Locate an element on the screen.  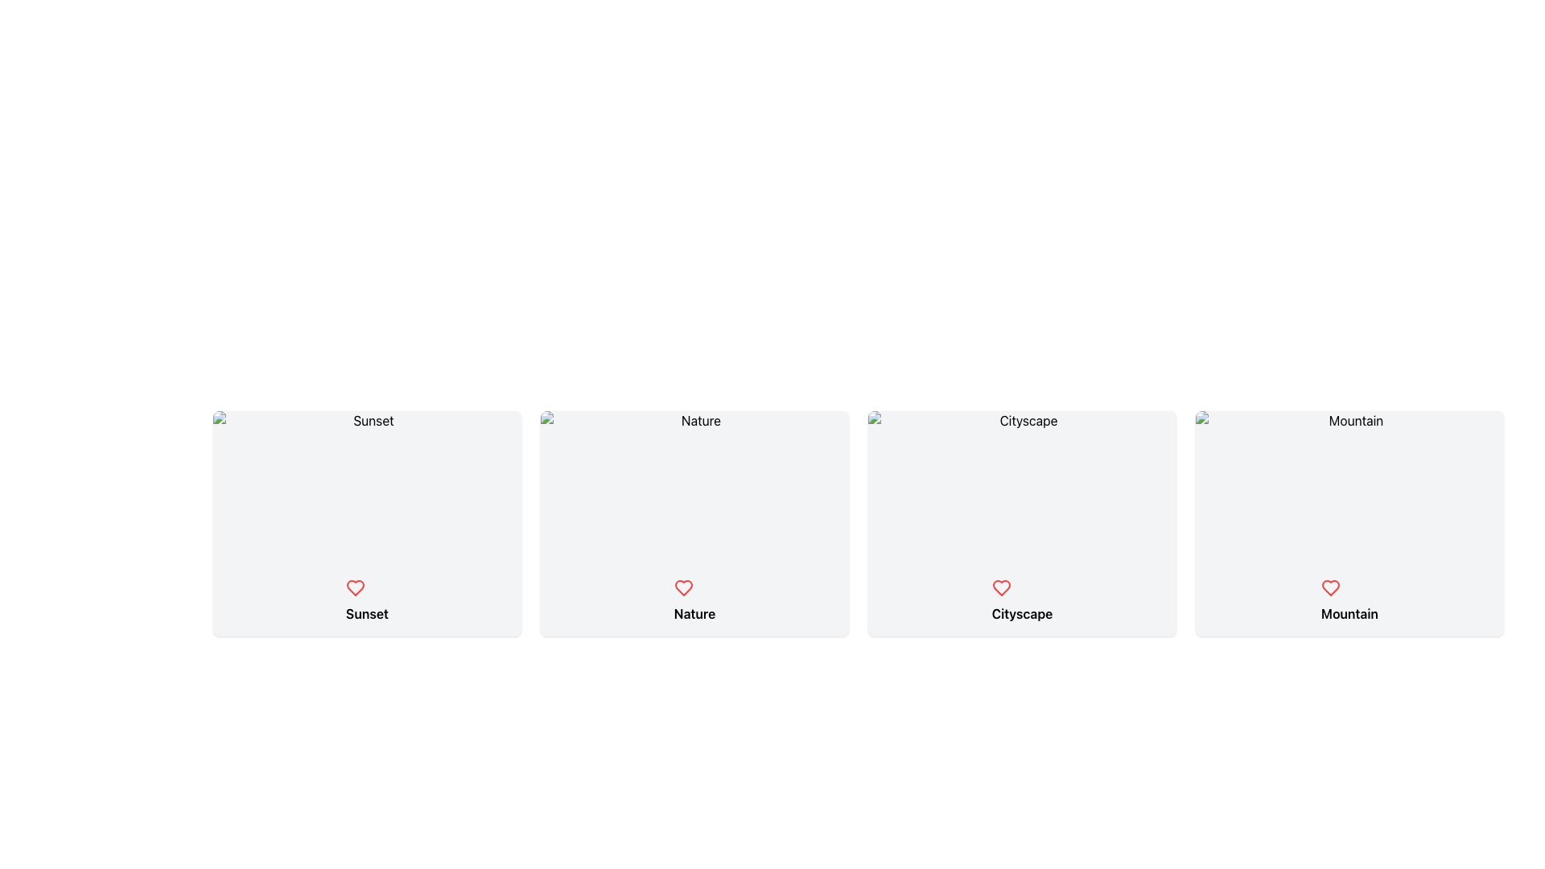
the heart icon located at the bottom-center of the 'Mountain' tile is located at coordinates (1331, 588).